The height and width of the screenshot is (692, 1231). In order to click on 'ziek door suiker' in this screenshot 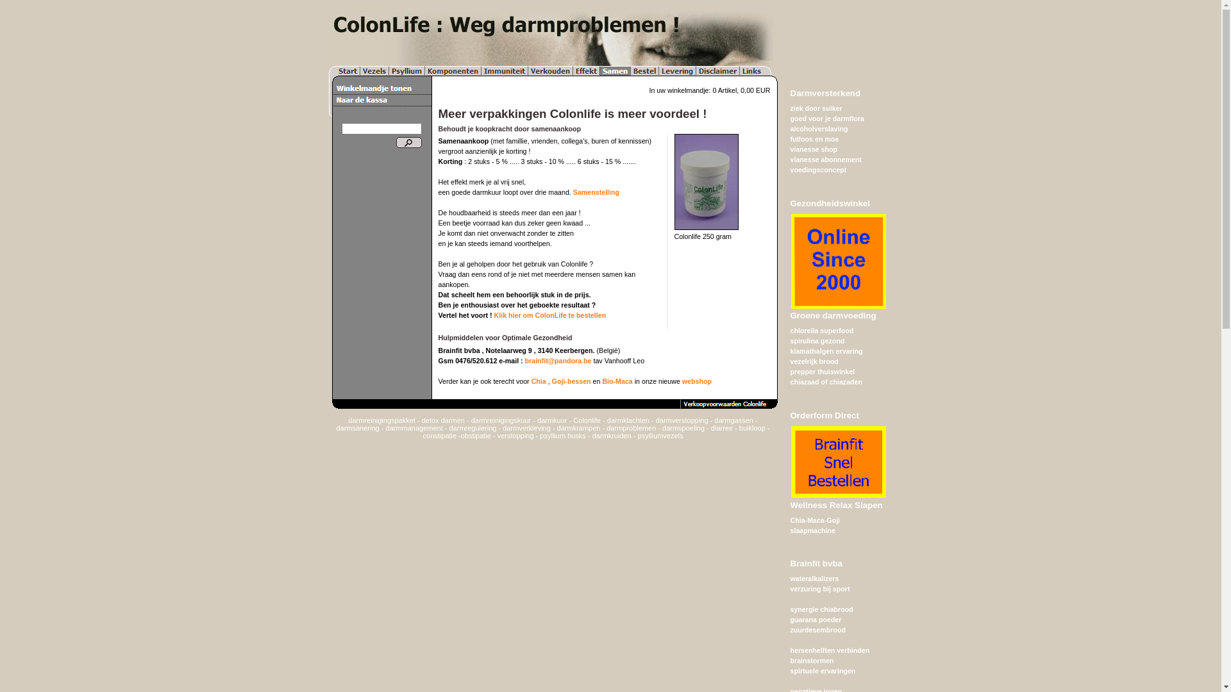, I will do `click(815, 108)`.